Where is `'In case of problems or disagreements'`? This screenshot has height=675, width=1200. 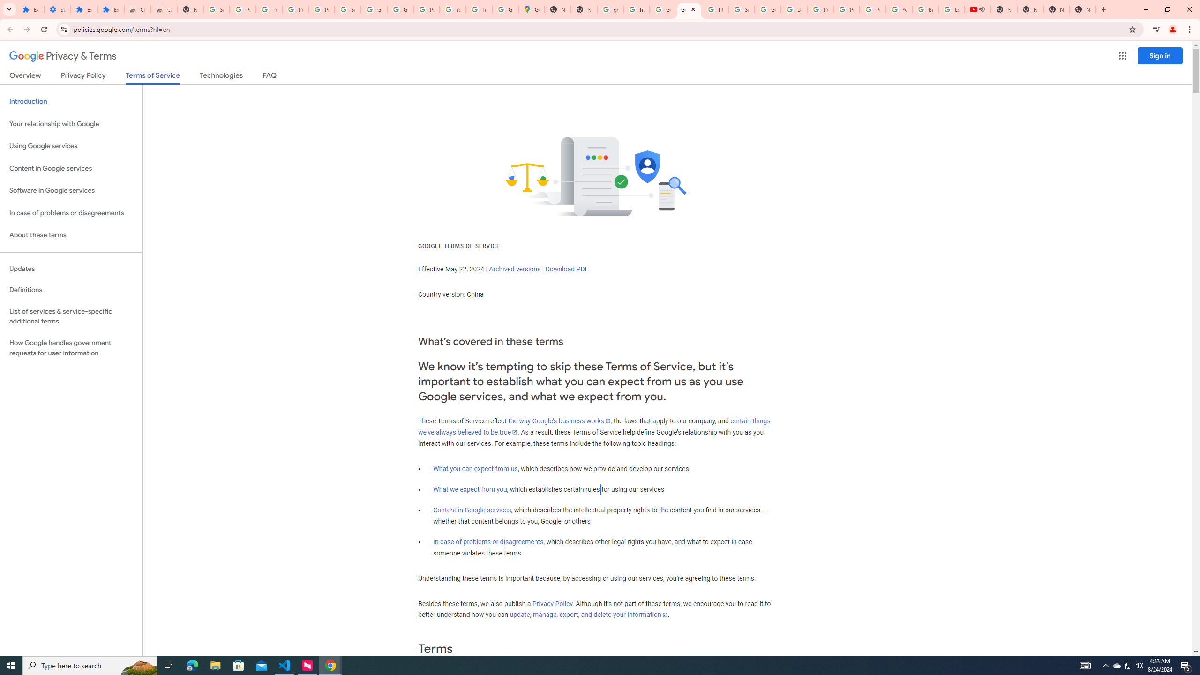 'In case of problems or disagreements' is located at coordinates (487, 542).